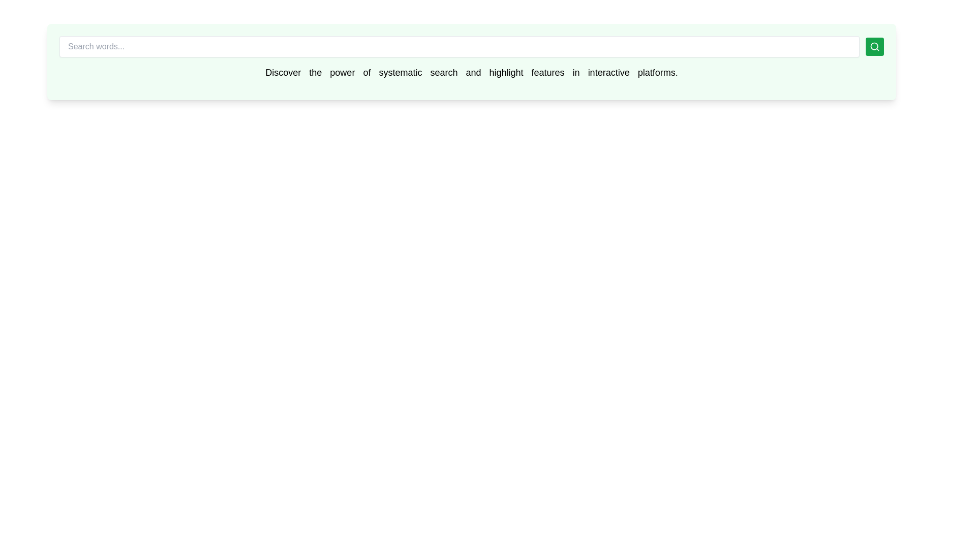 The height and width of the screenshot is (549, 976). I want to click on the text element that is the second word in the sentence 'Discover the power of systematic search and highlight features in interactive platforms.', so click(315, 72).